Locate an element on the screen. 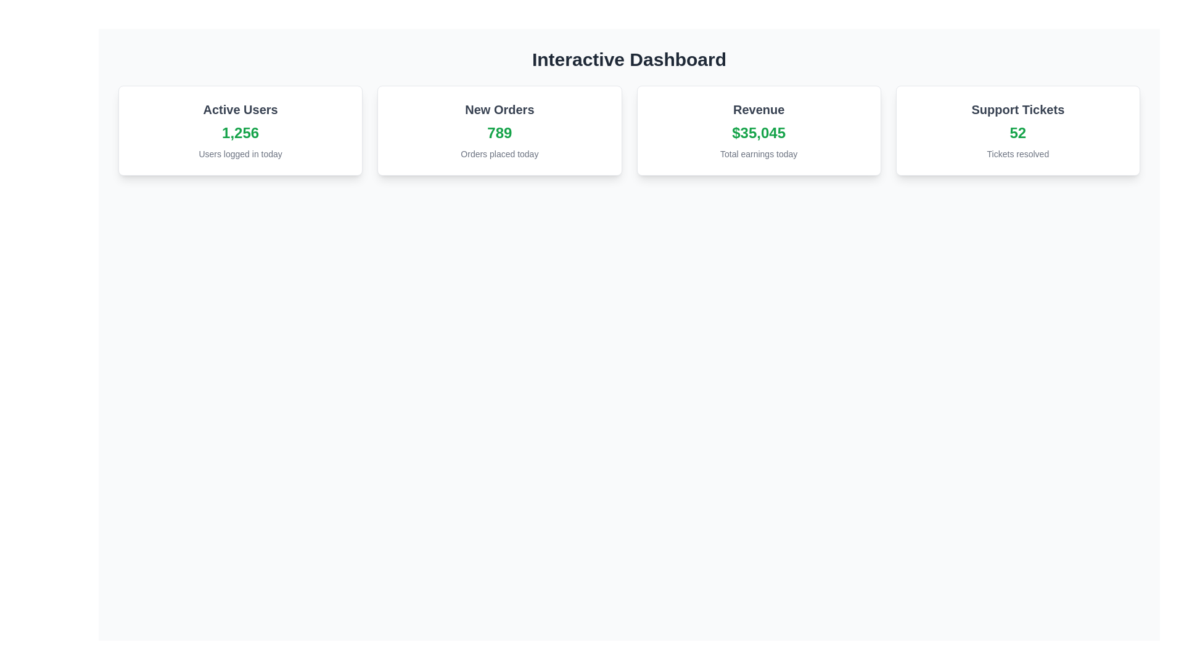  the text label indicating 'New Orders' which is the first line within the card located in the middle-left position of a horizontal layout of cards is located at coordinates (499, 109).